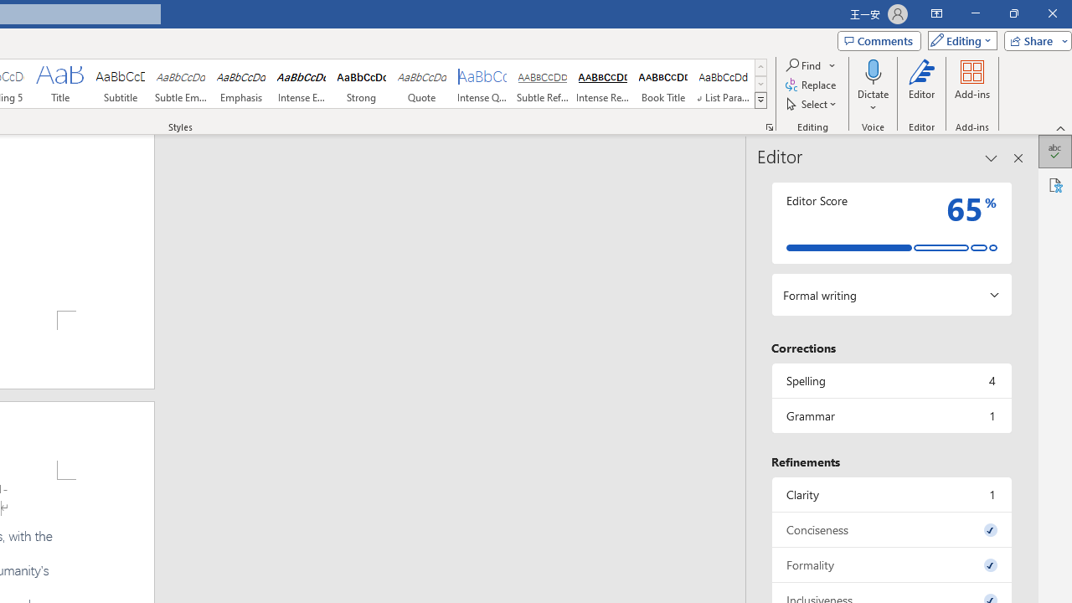 The width and height of the screenshot is (1072, 603). Describe the element at coordinates (769, 126) in the screenshot. I see `'Styles...'` at that location.